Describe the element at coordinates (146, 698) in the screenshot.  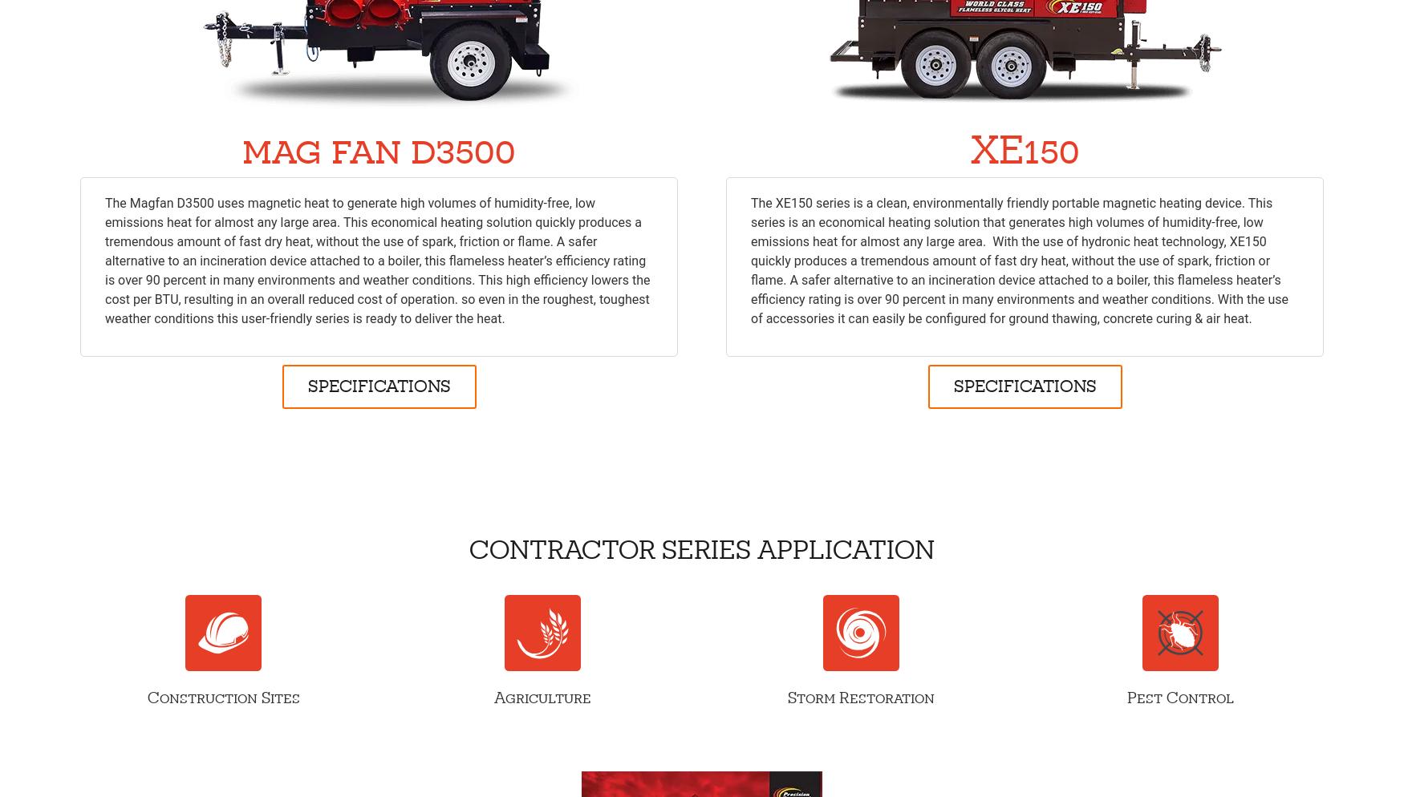
I see `'Construction Sites'` at that location.